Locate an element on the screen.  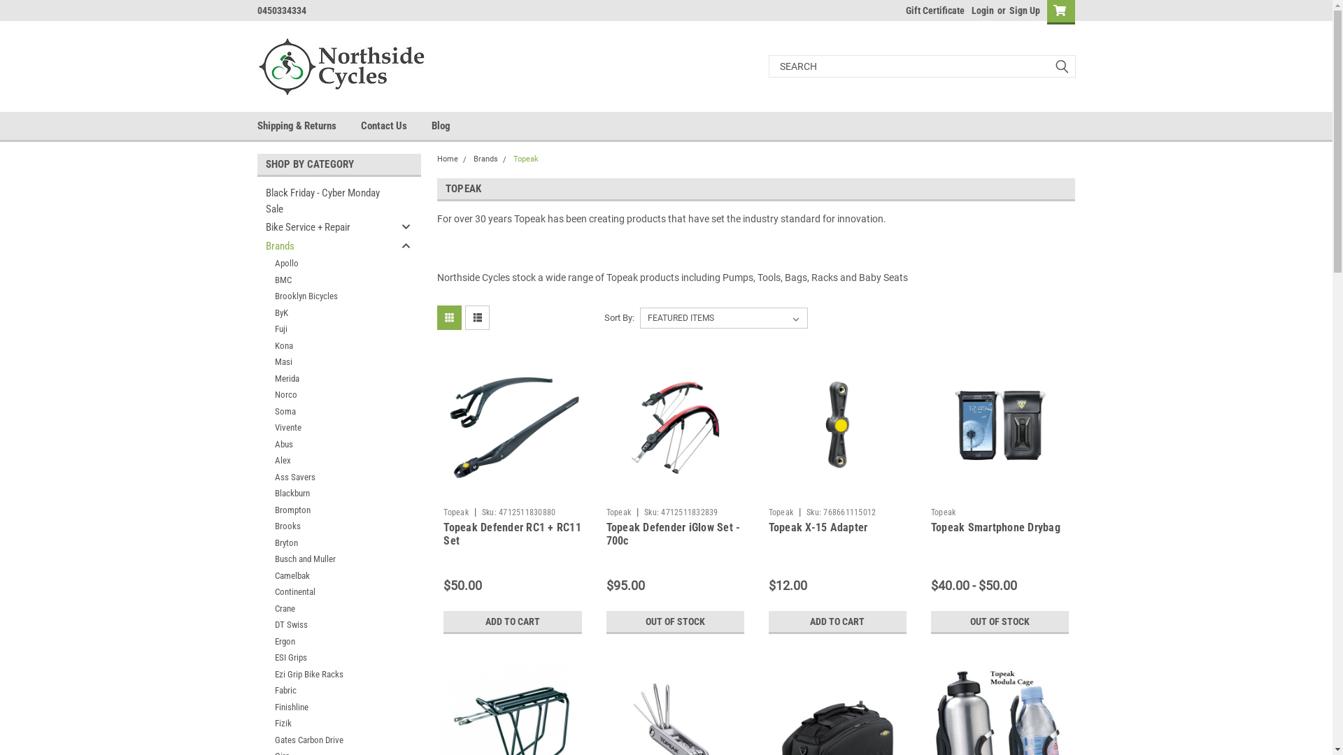
'Abus' is located at coordinates (257, 445).